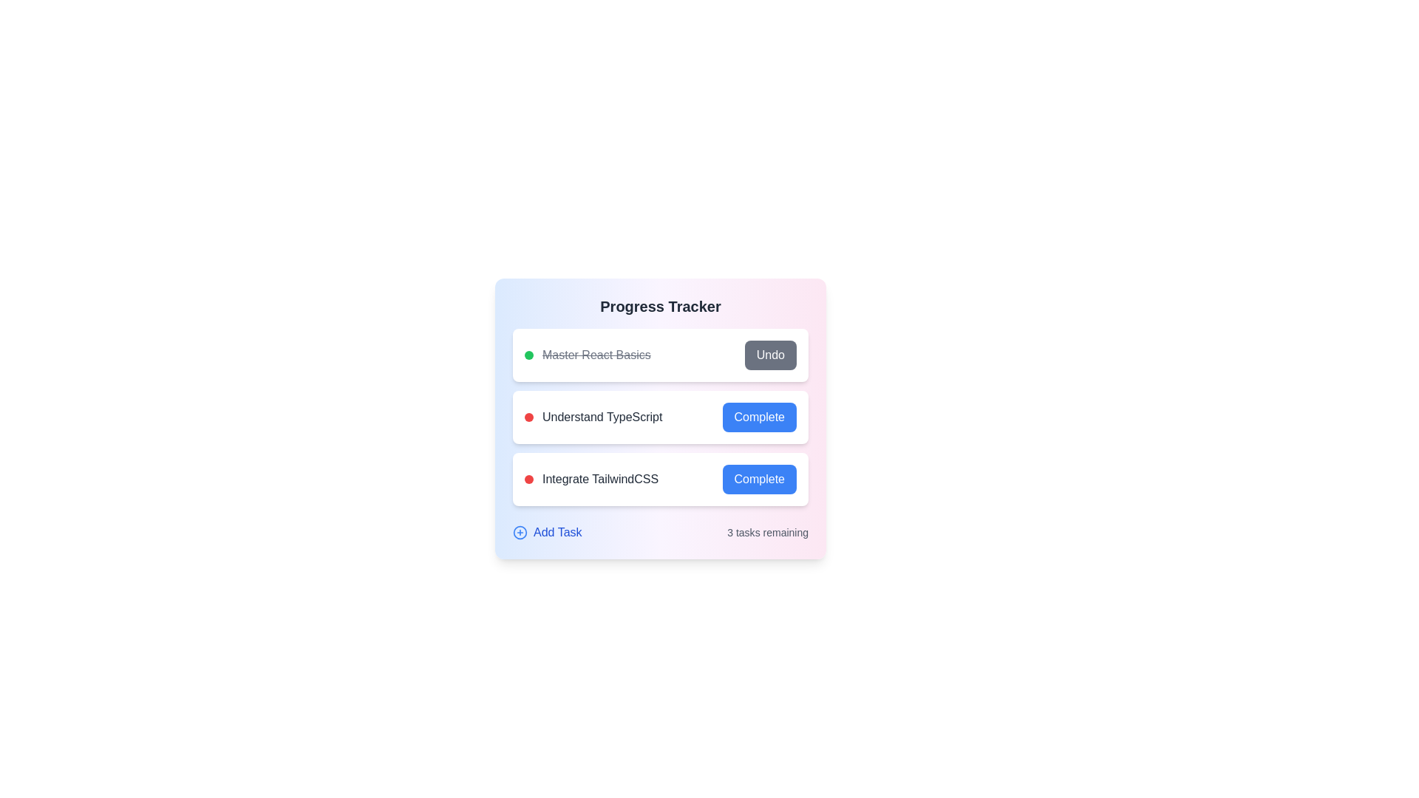 This screenshot has height=798, width=1419. I want to click on the 'Complete' button, which is a rounded rectangular button with a blue background and white text, located in the second row of the task list under the 'Progress Tracker' section, aligned to the right next to the label 'Understand TypeScript', so click(759, 417).